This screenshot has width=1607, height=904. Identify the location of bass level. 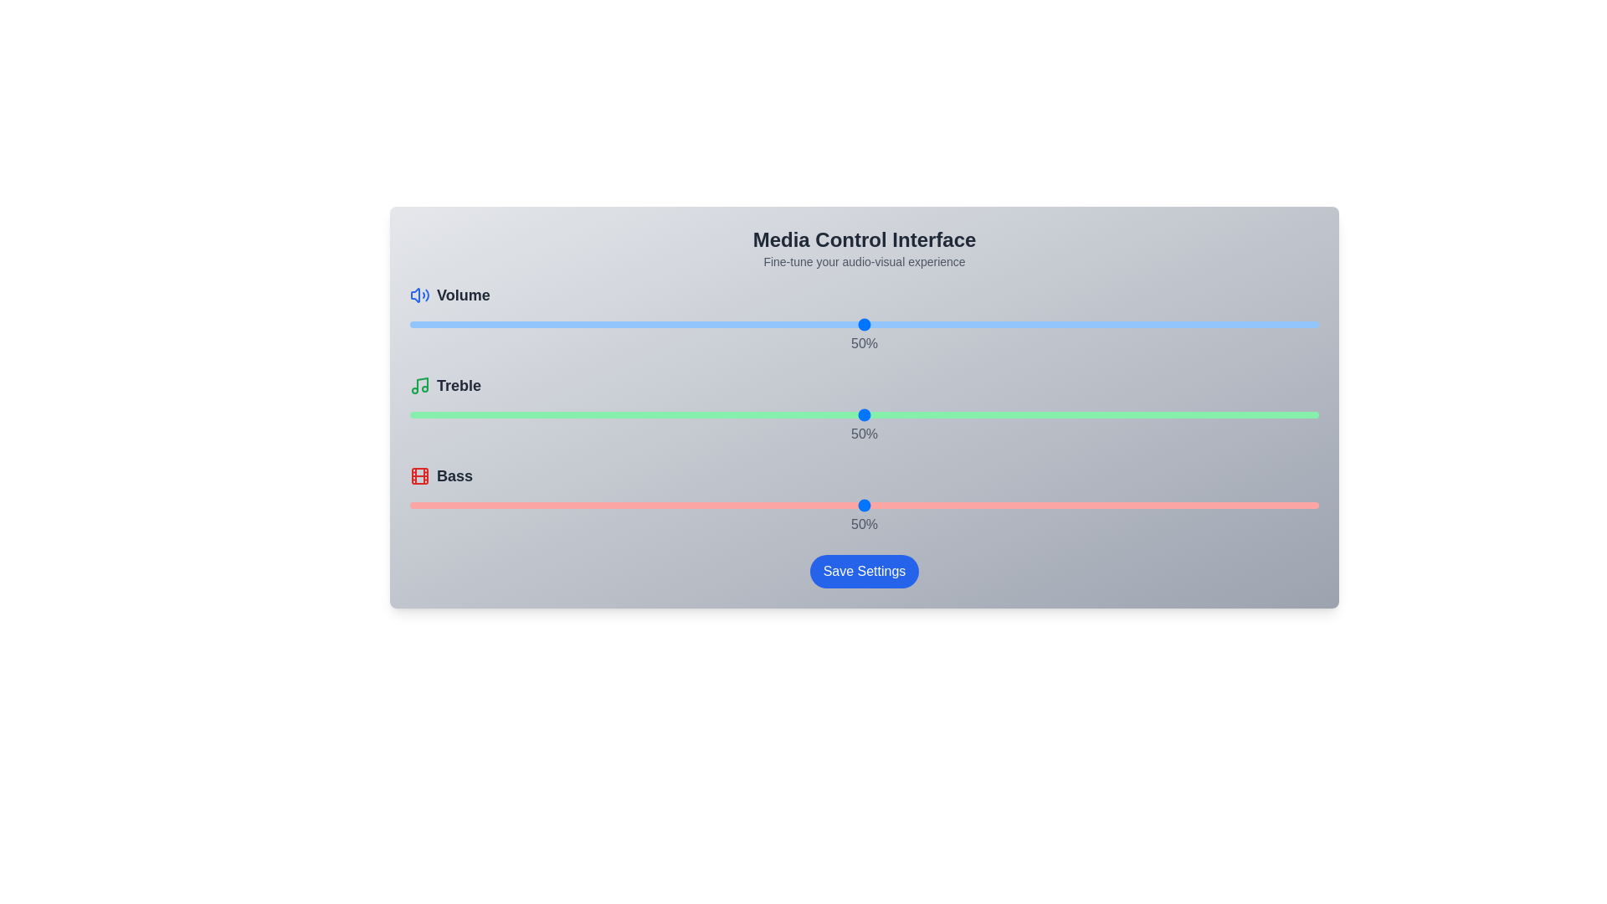
(946, 505).